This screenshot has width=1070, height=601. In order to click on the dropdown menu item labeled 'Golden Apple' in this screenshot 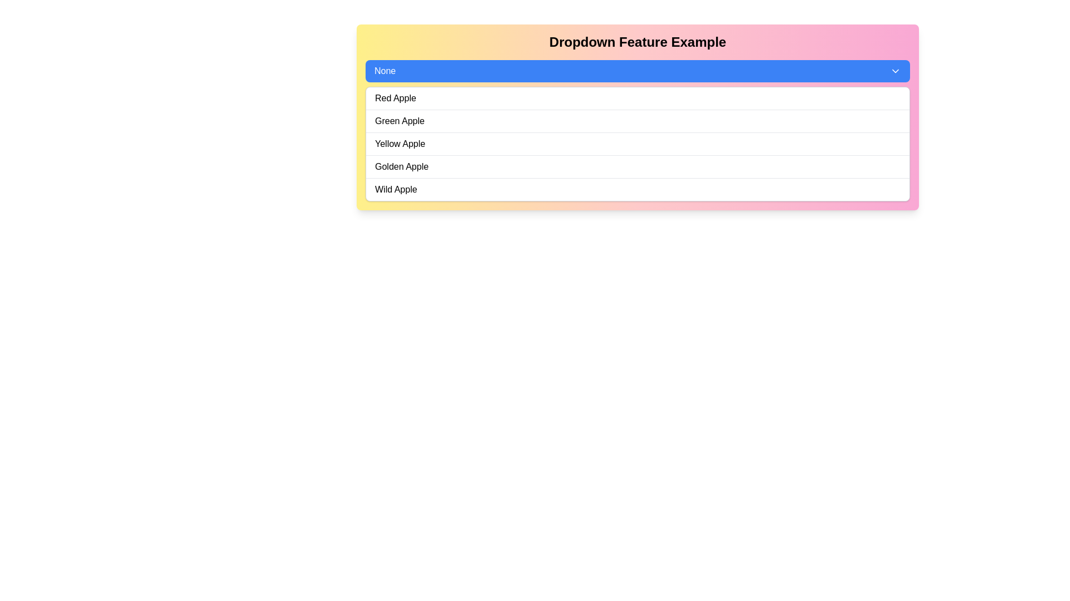, I will do `click(638, 166)`.